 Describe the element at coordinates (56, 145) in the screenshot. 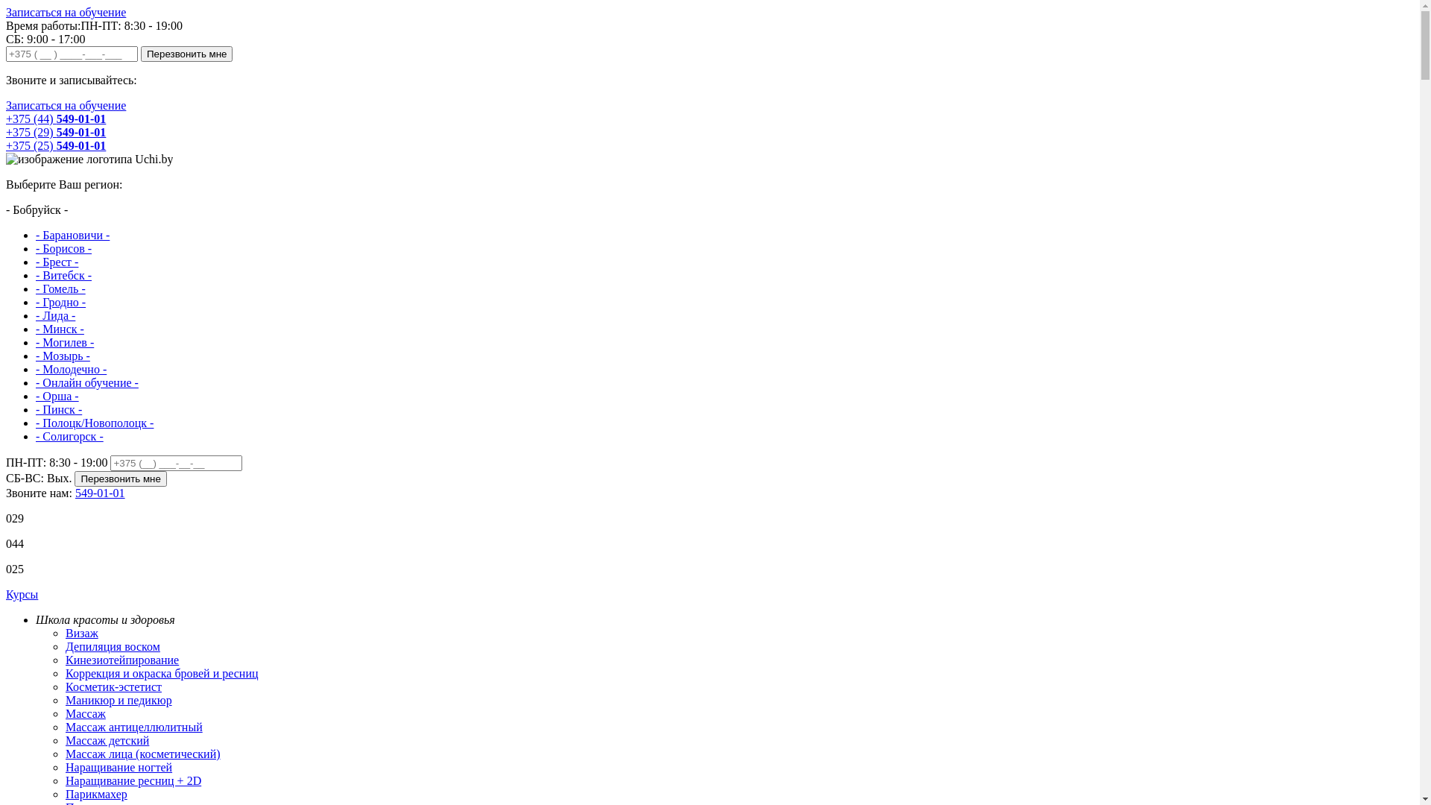

I see `'+375 (25) 549-01-01'` at that location.